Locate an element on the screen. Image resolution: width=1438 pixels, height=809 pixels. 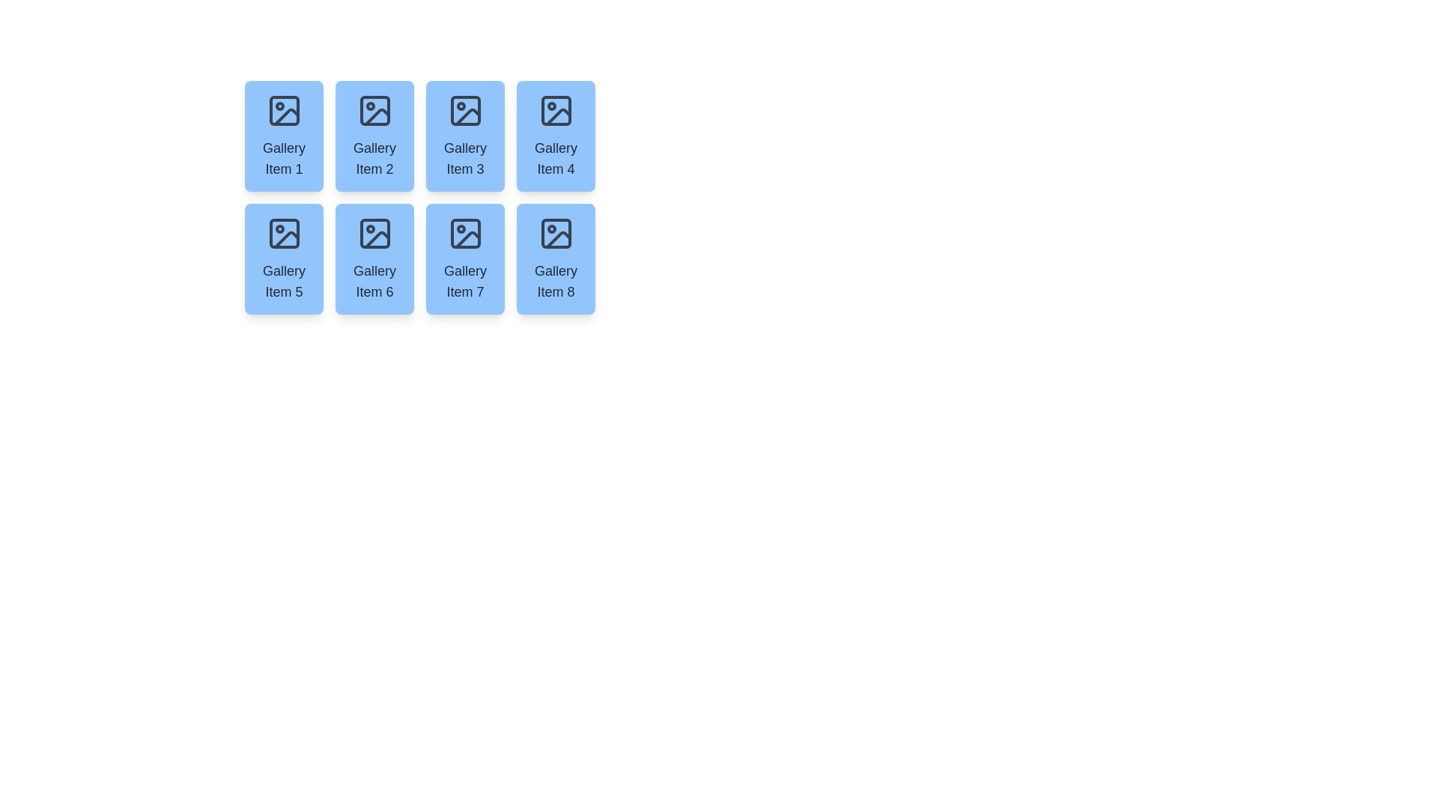
the text label that identifies the specific gallery item in the second column of the first row in a grid layout is located at coordinates (374, 159).